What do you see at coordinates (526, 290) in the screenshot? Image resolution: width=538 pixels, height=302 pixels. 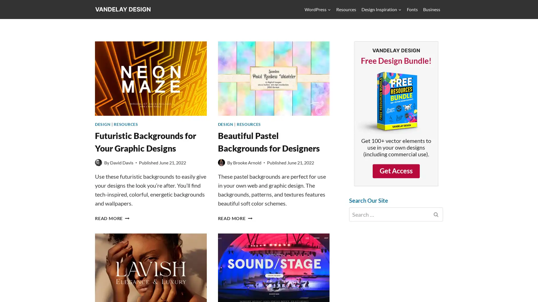 I see `Scroll to top` at bounding box center [526, 290].